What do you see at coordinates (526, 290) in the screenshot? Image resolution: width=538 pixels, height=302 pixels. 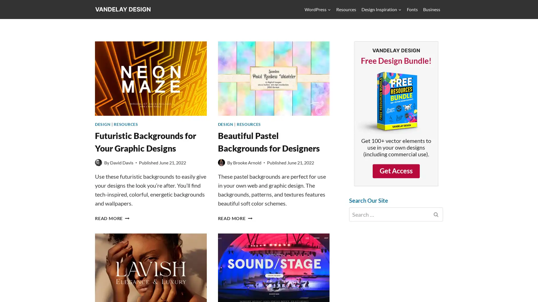 I see `Scroll to top` at bounding box center [526, 290].